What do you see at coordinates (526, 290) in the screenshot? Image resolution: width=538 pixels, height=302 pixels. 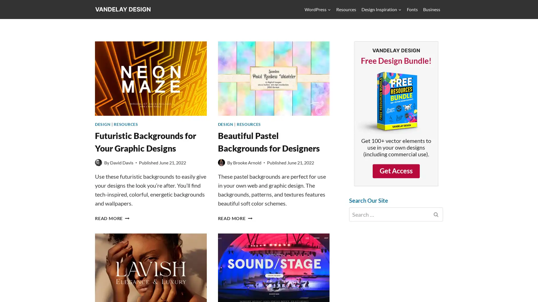 I see `Scroll to top` at bounding box center [526, 290].